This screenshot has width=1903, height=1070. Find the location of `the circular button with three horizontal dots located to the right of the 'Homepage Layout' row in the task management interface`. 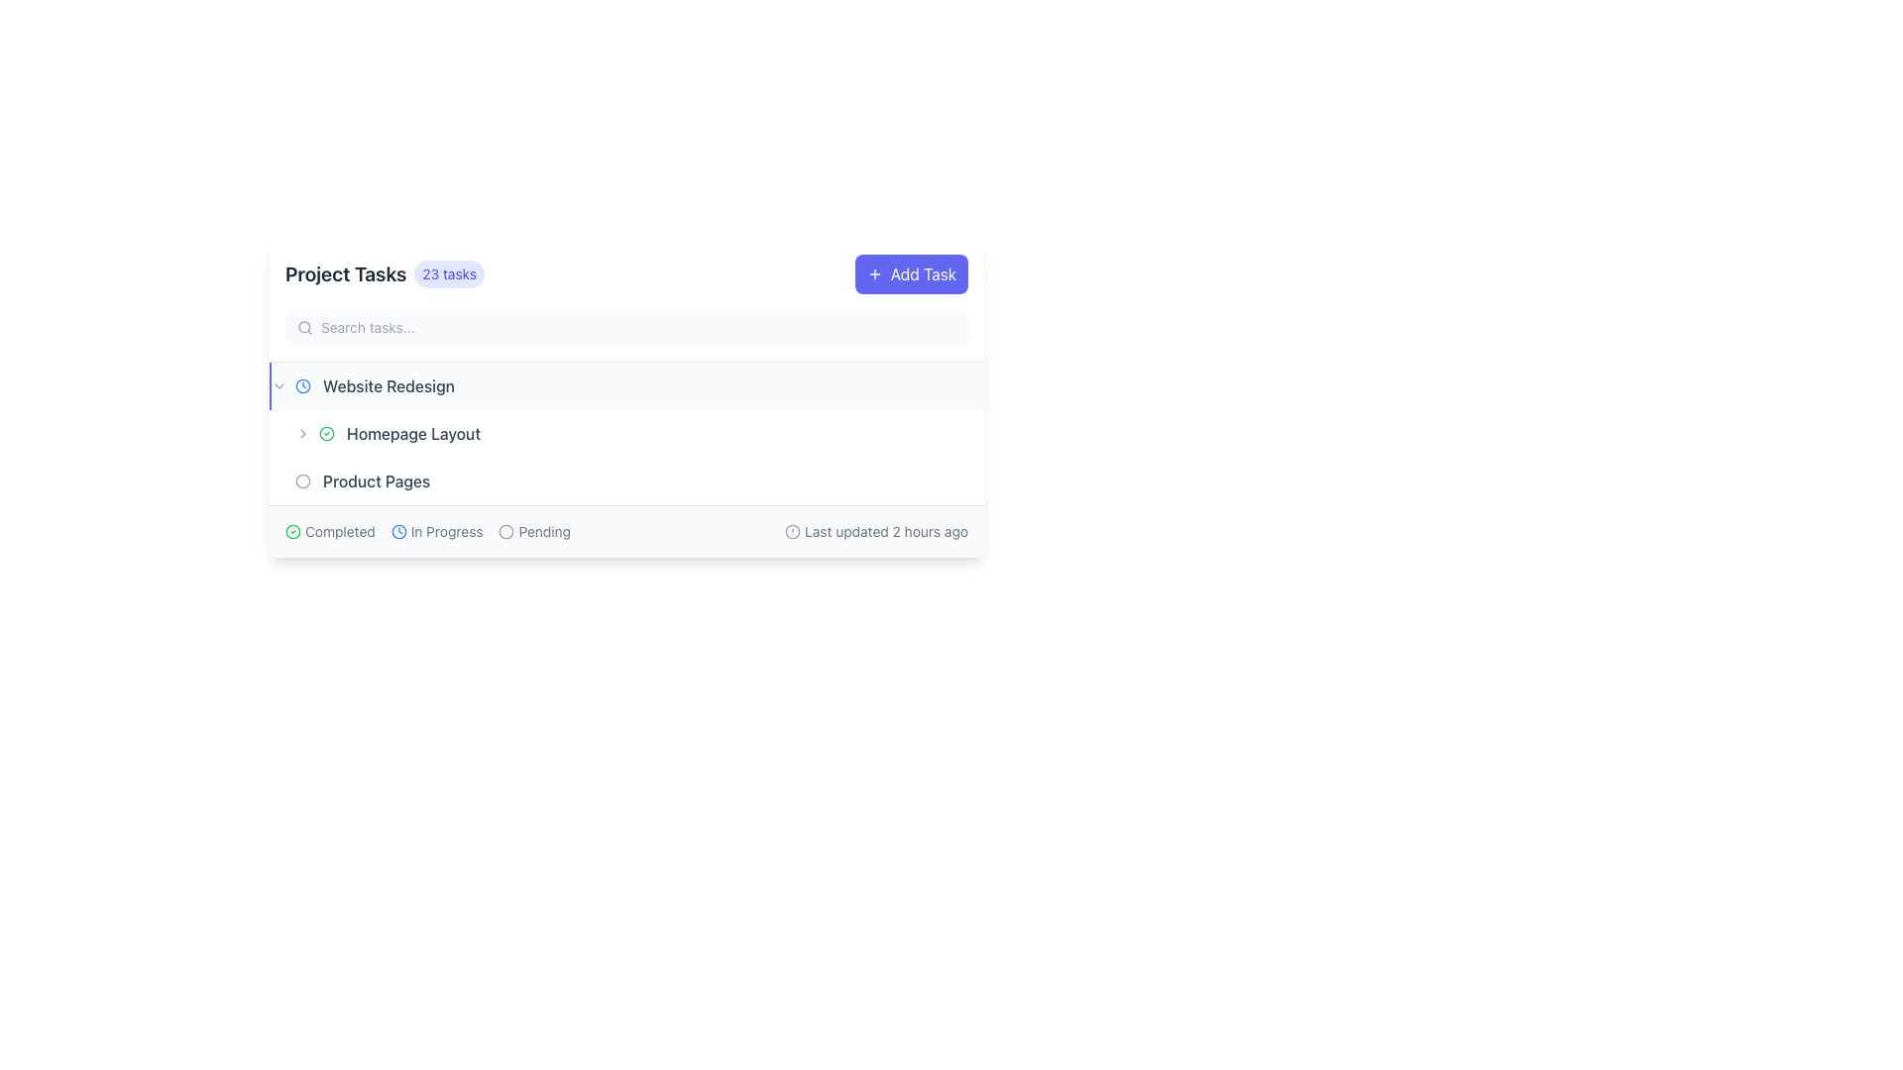

the circular button with three horizontal dots located to the right of the 'Homepage Layout' row in the task management interface is located at coordinates (960, 385).